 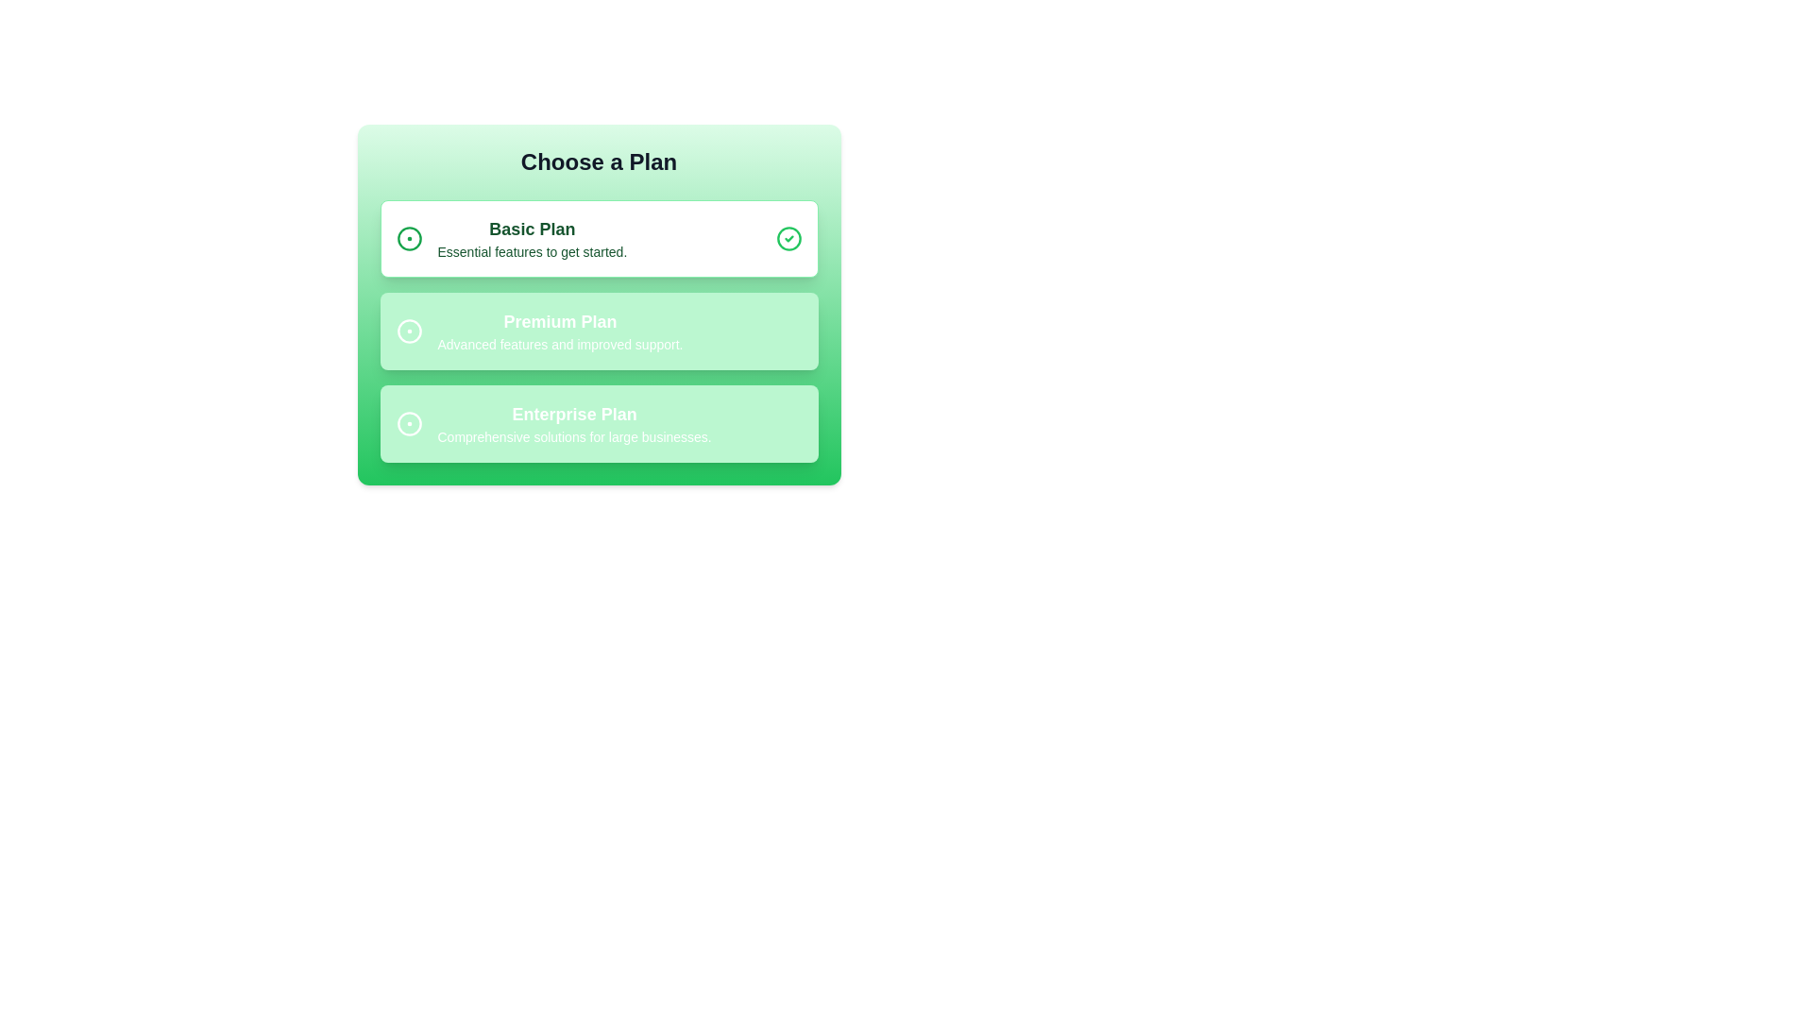 I want to click on text label for the premium plan option located in the middle section of the vertical stack of plan options, which is visually distinguished and includes the description 'Advanced features and improved support.', so click(x=559, y=320).